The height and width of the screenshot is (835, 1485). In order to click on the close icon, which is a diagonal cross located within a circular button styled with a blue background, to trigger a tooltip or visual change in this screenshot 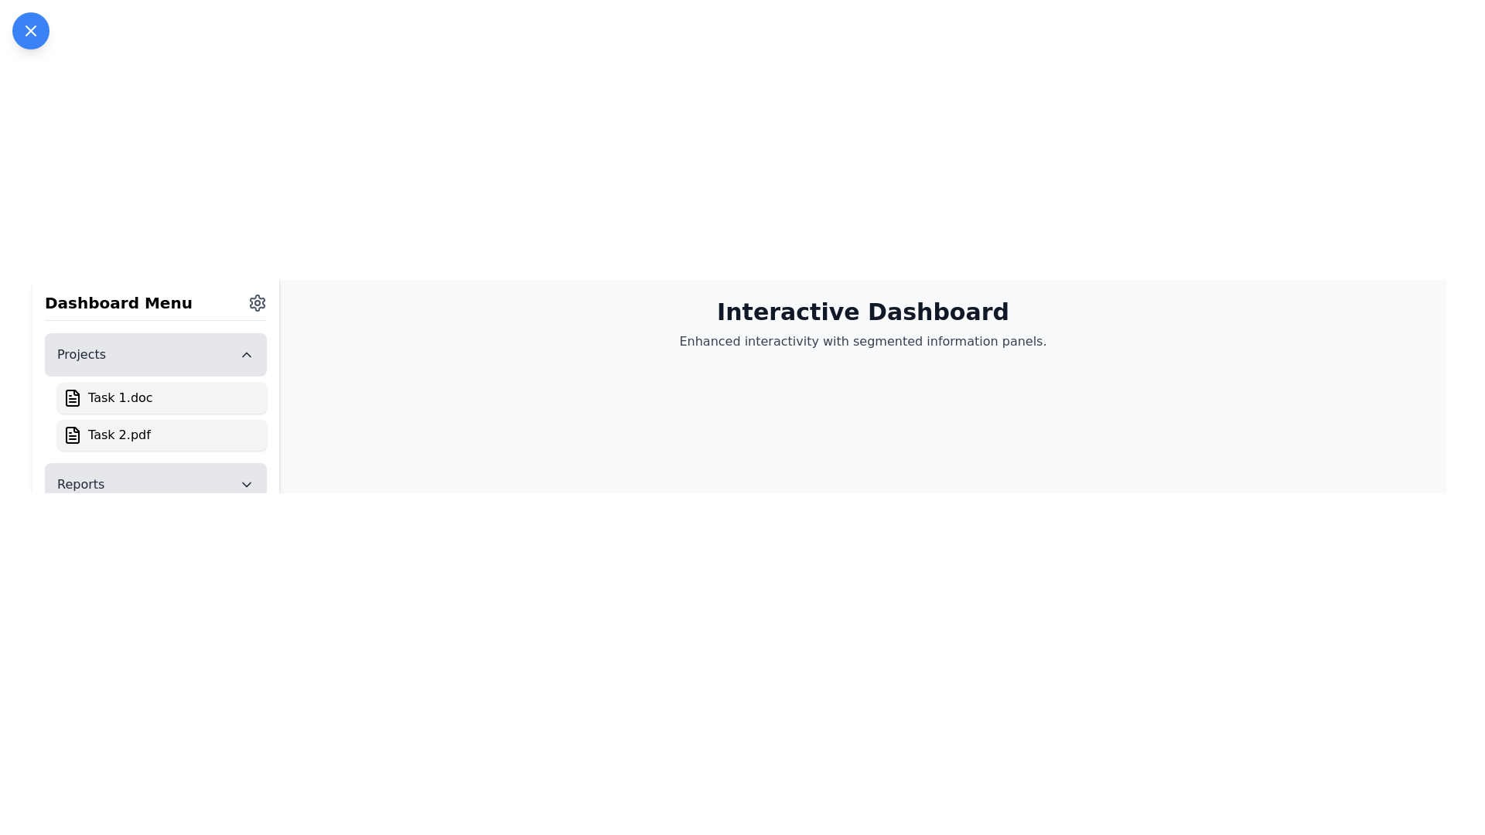, I will do `click(30, 30)`.